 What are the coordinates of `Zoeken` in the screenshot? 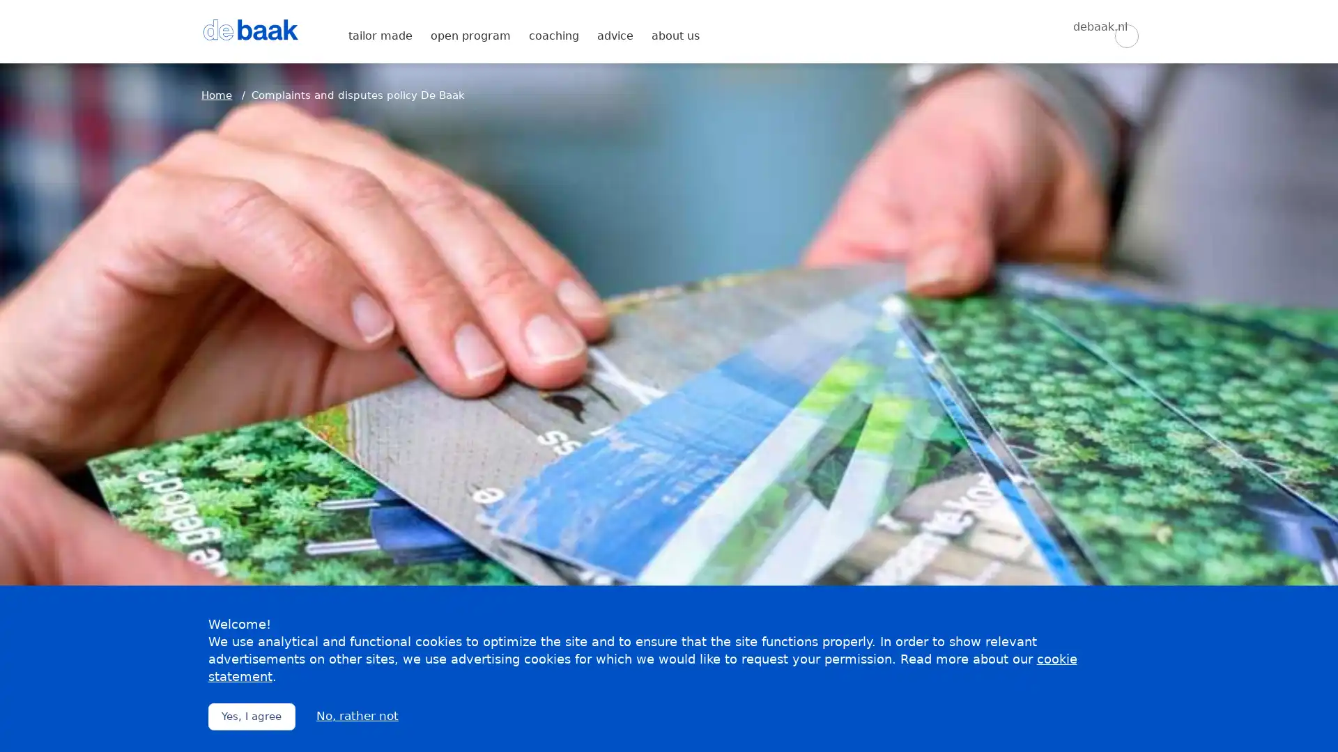 It's located at (1132, 72).